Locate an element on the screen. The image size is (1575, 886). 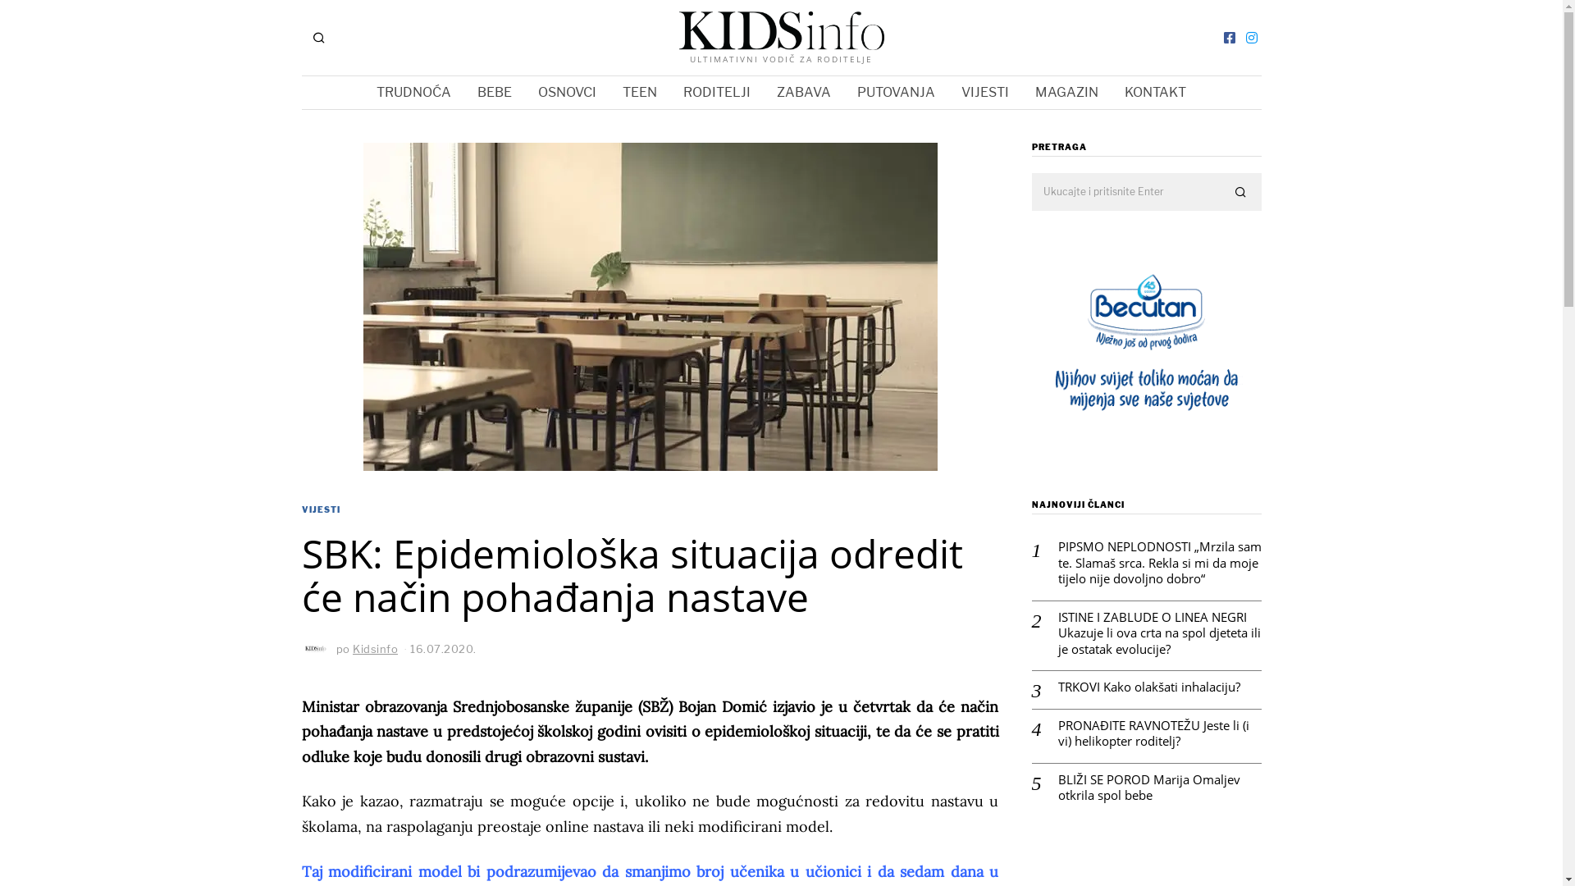
'Instagram' is located at coordinates (1251, 37).